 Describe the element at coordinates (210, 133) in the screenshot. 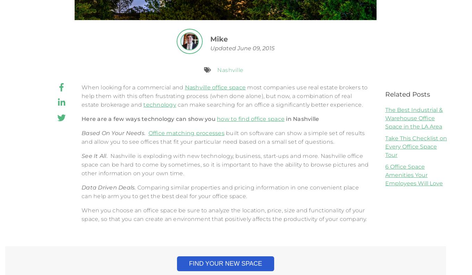

I see `'processes'` at that location.